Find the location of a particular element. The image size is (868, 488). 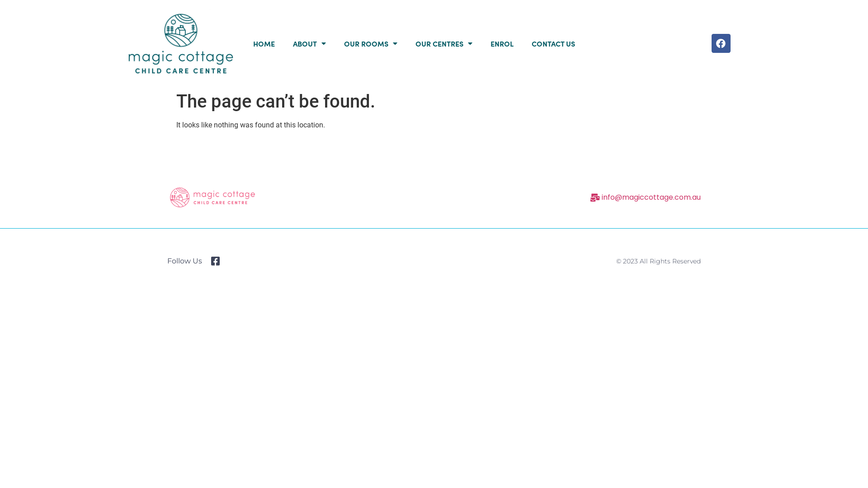

'OUR CENTRES' is located at coordinates (444, 43).